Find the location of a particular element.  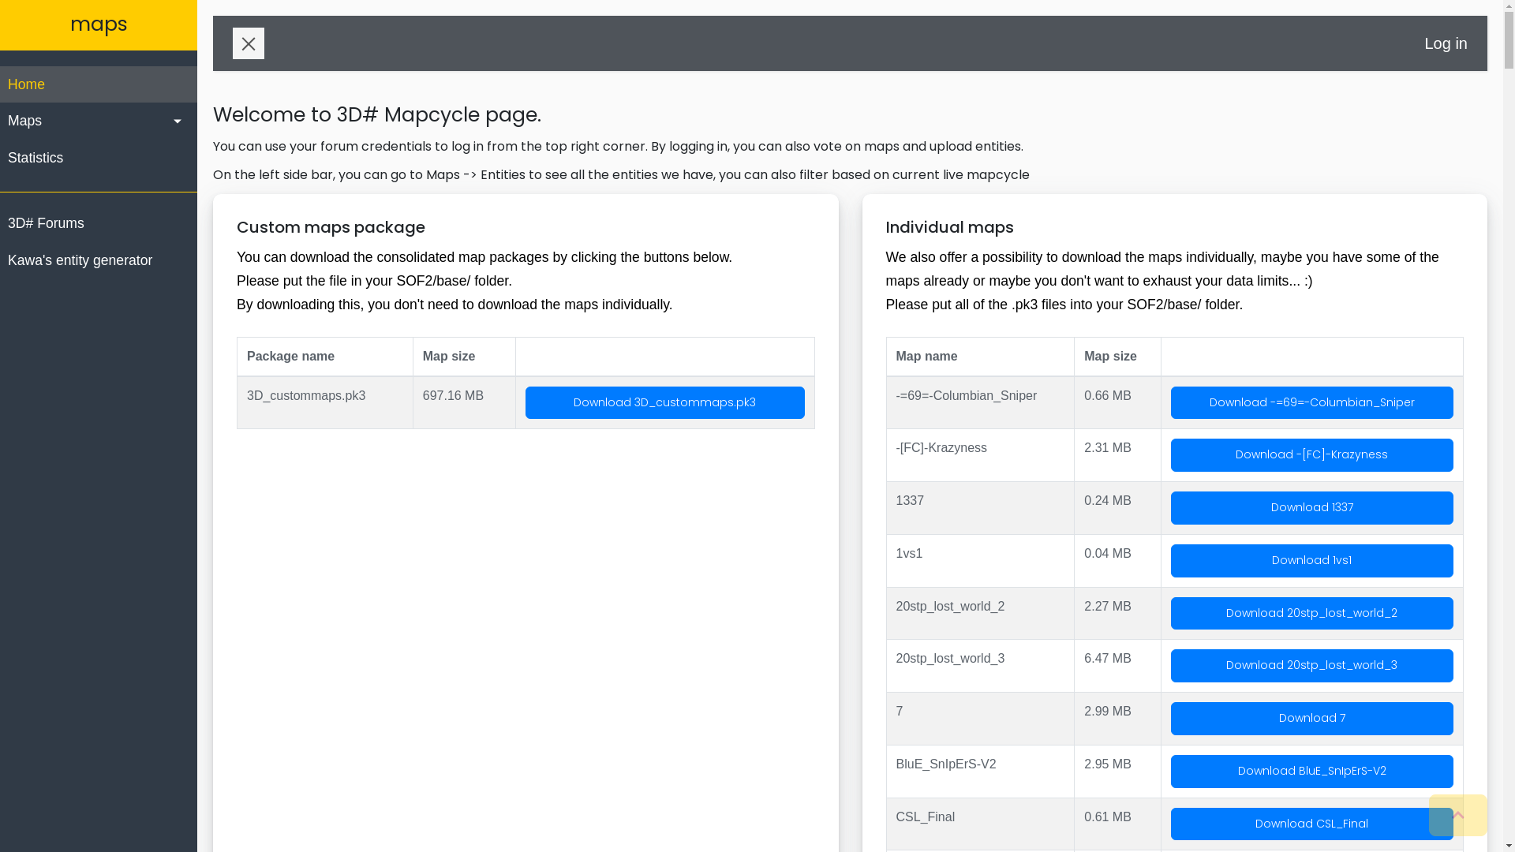

'Maps' is located at coordinates (97, 120).